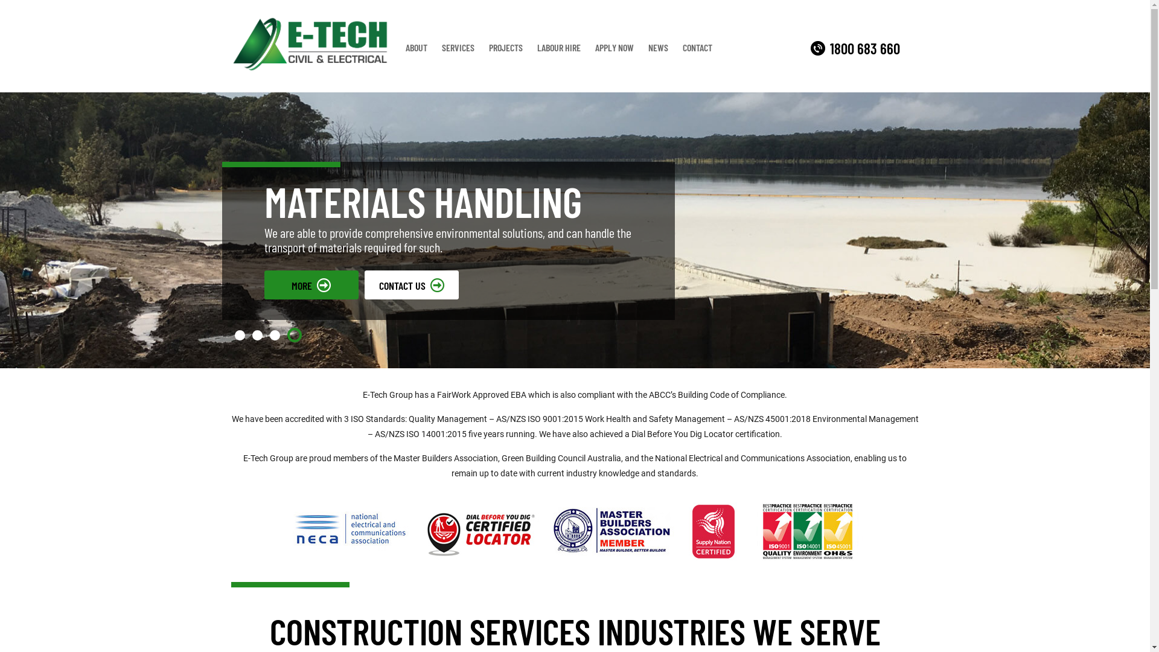  I want to click on 'SERVICES', so click(457, 46).